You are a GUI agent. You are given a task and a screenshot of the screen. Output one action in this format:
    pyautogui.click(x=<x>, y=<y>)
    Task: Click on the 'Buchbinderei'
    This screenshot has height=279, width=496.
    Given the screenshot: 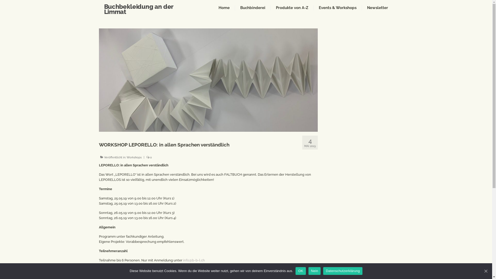 What is the action you would take?
    pyautogui.click(x=253, y=8)
    